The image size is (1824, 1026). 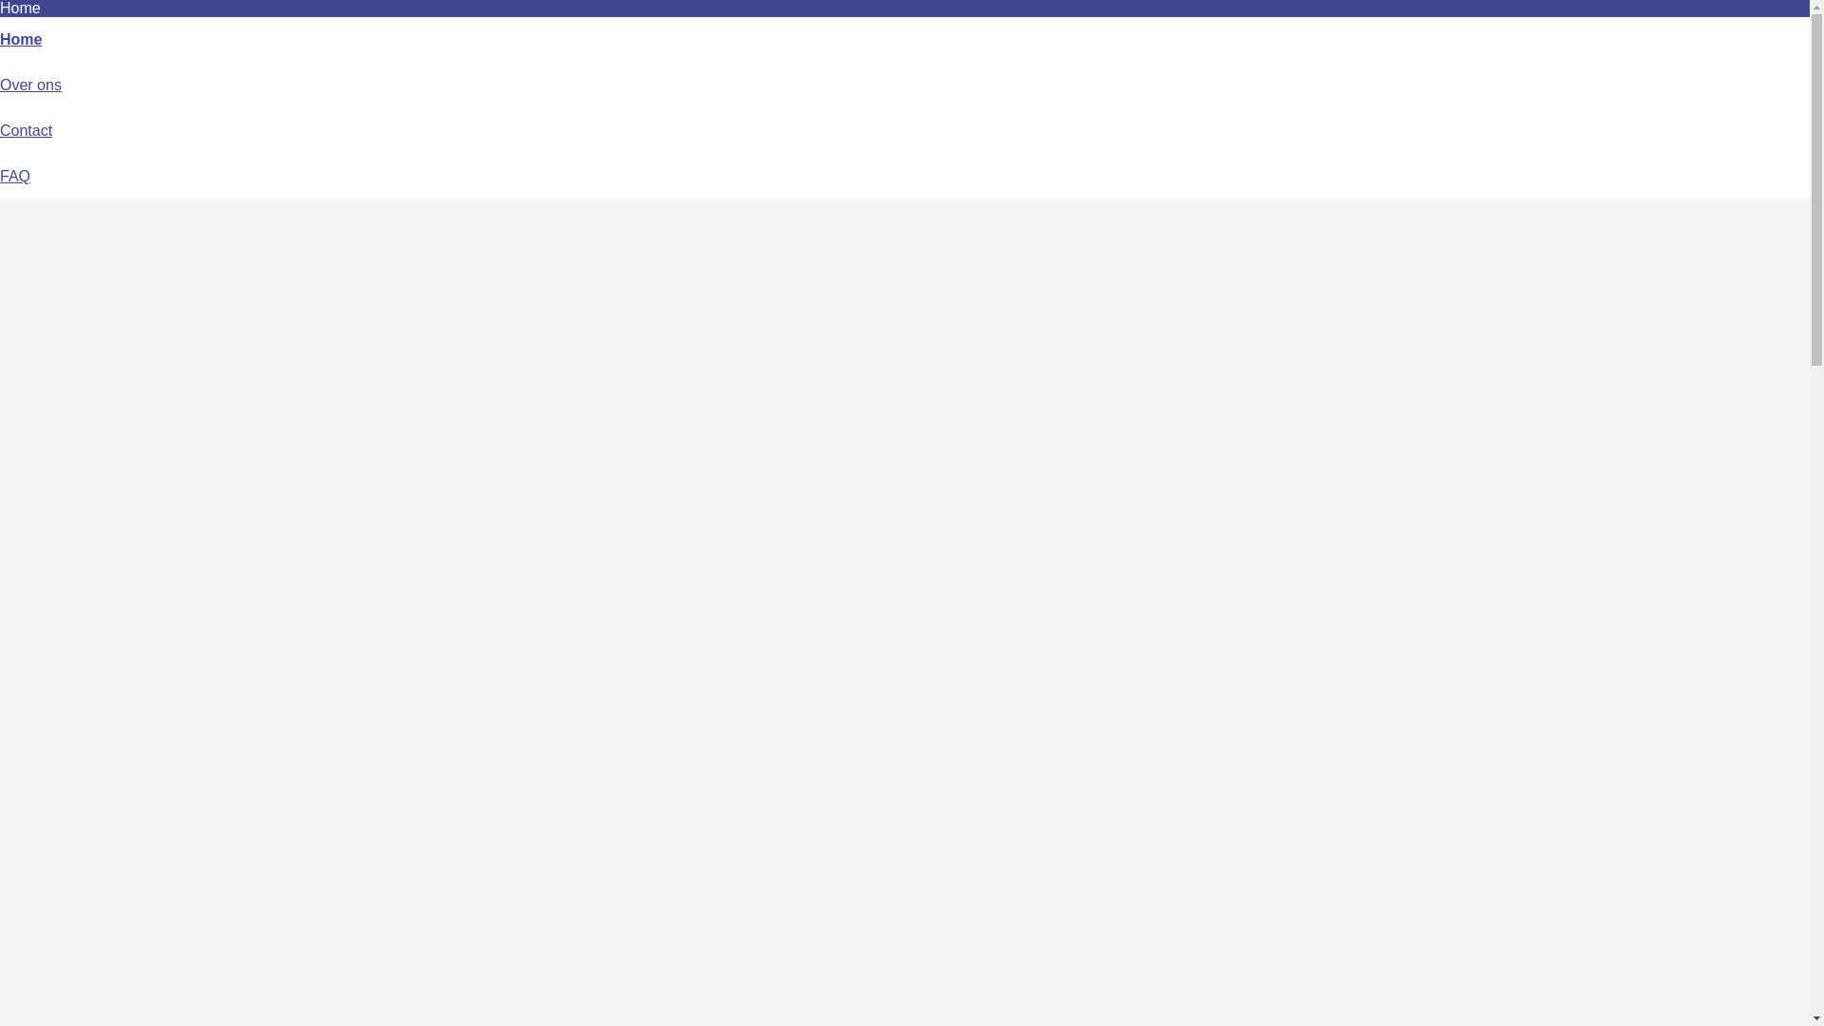 I want to click on 'Home', so click(x=21, y=39).